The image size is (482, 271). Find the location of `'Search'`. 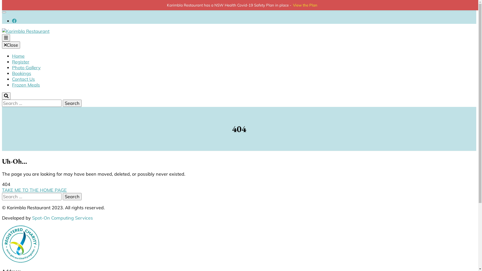

'Search' is located at coordinates (72, 196).